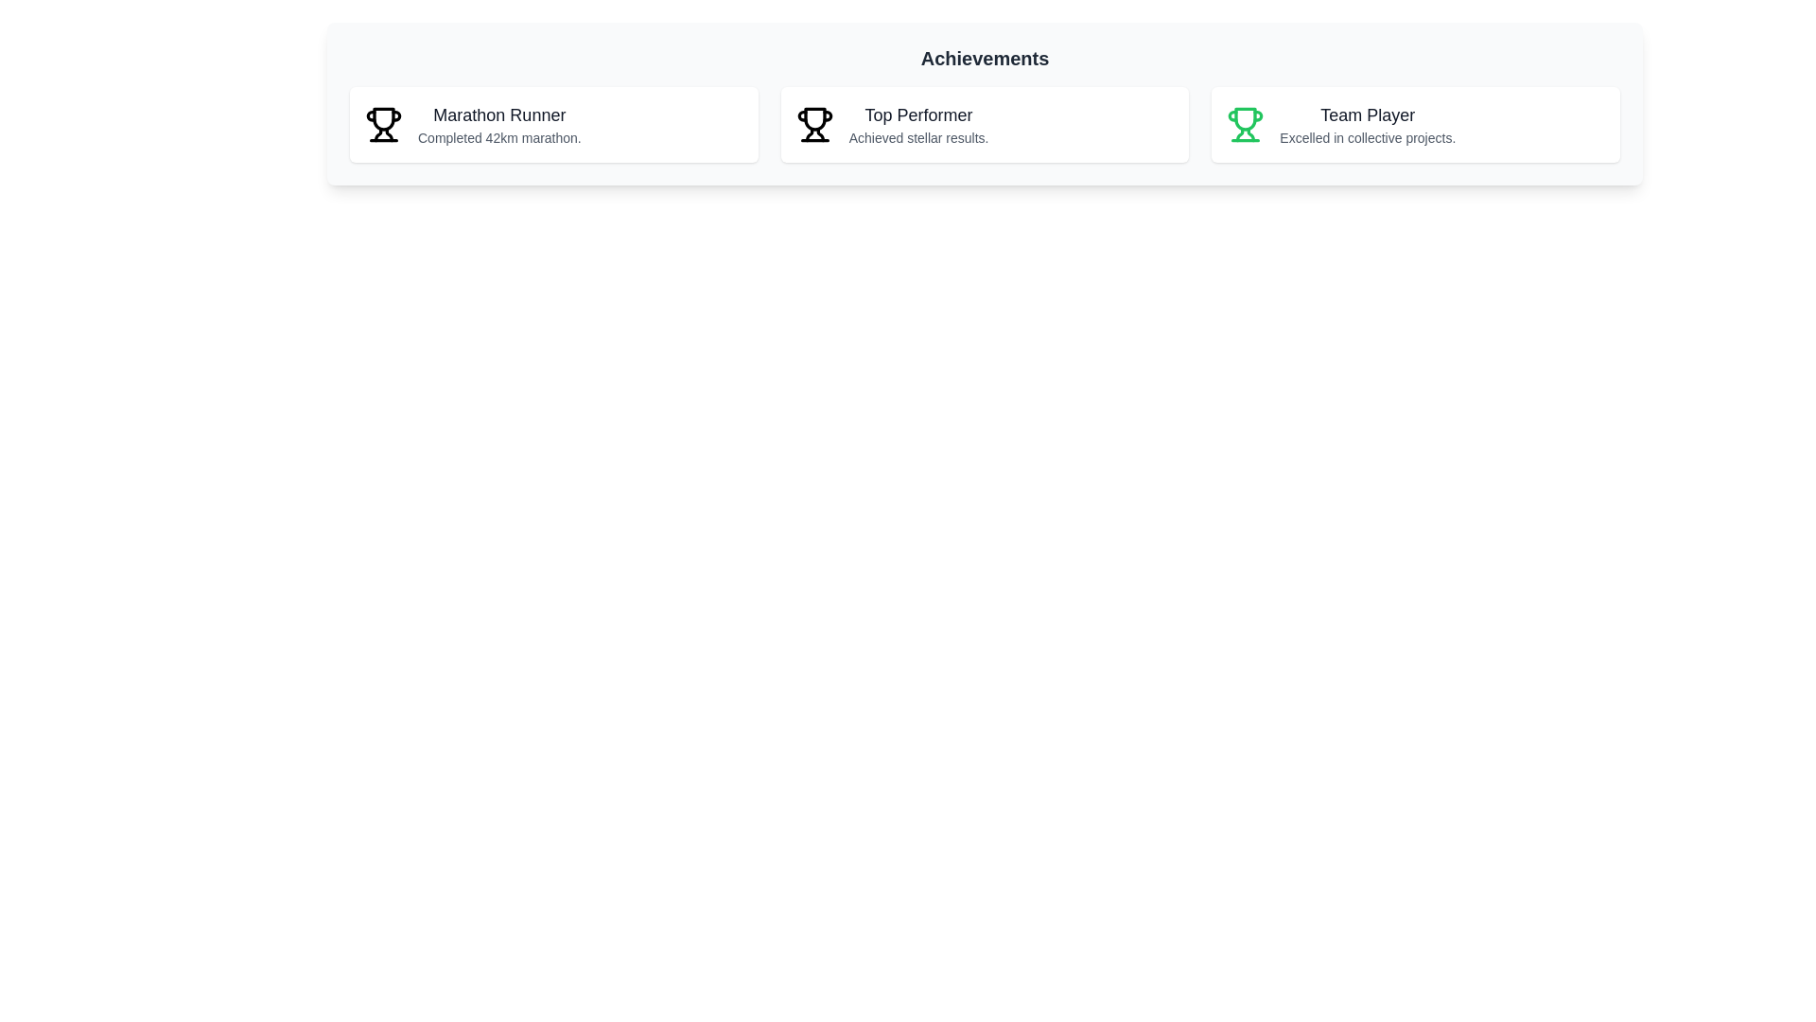 The height and width of the screenshot is (1022, 1816). What do you see at coordinates (499, 115) in the screenshot?
I see `the bold title text label denoting the achievement 'Marathon Runner' located at the top left of the card` at bounding box center [499, 115].